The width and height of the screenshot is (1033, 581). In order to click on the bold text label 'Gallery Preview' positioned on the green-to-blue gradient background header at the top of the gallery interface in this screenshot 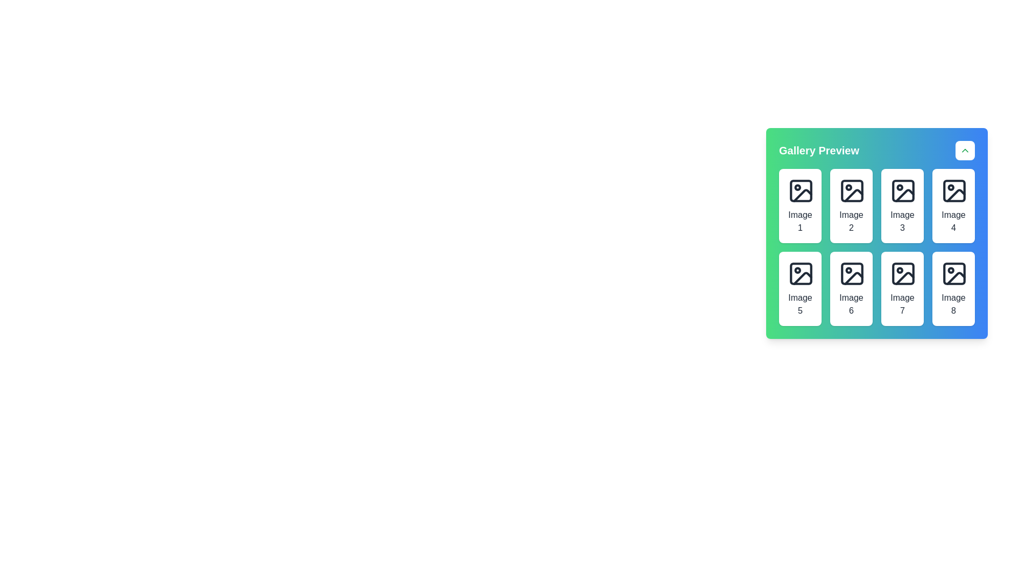, I will do `click(818, 151)`.